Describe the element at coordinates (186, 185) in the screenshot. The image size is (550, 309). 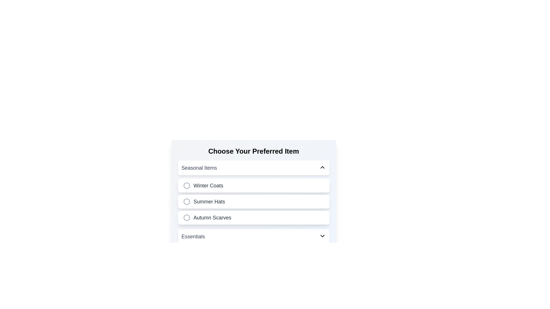
I see `the radio button to the left of the text 'Winter Coats'` at that location.